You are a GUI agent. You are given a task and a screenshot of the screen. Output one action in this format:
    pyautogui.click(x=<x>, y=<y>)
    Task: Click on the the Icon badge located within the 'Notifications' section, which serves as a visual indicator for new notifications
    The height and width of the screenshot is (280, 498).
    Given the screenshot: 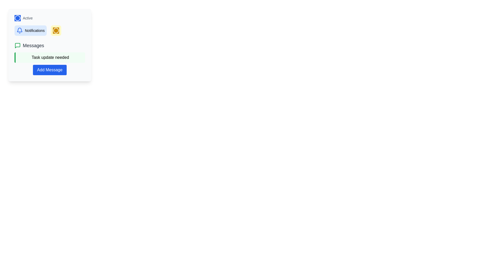 What is the action you would take?
    pyautogui.click(x=56, y=31)
    